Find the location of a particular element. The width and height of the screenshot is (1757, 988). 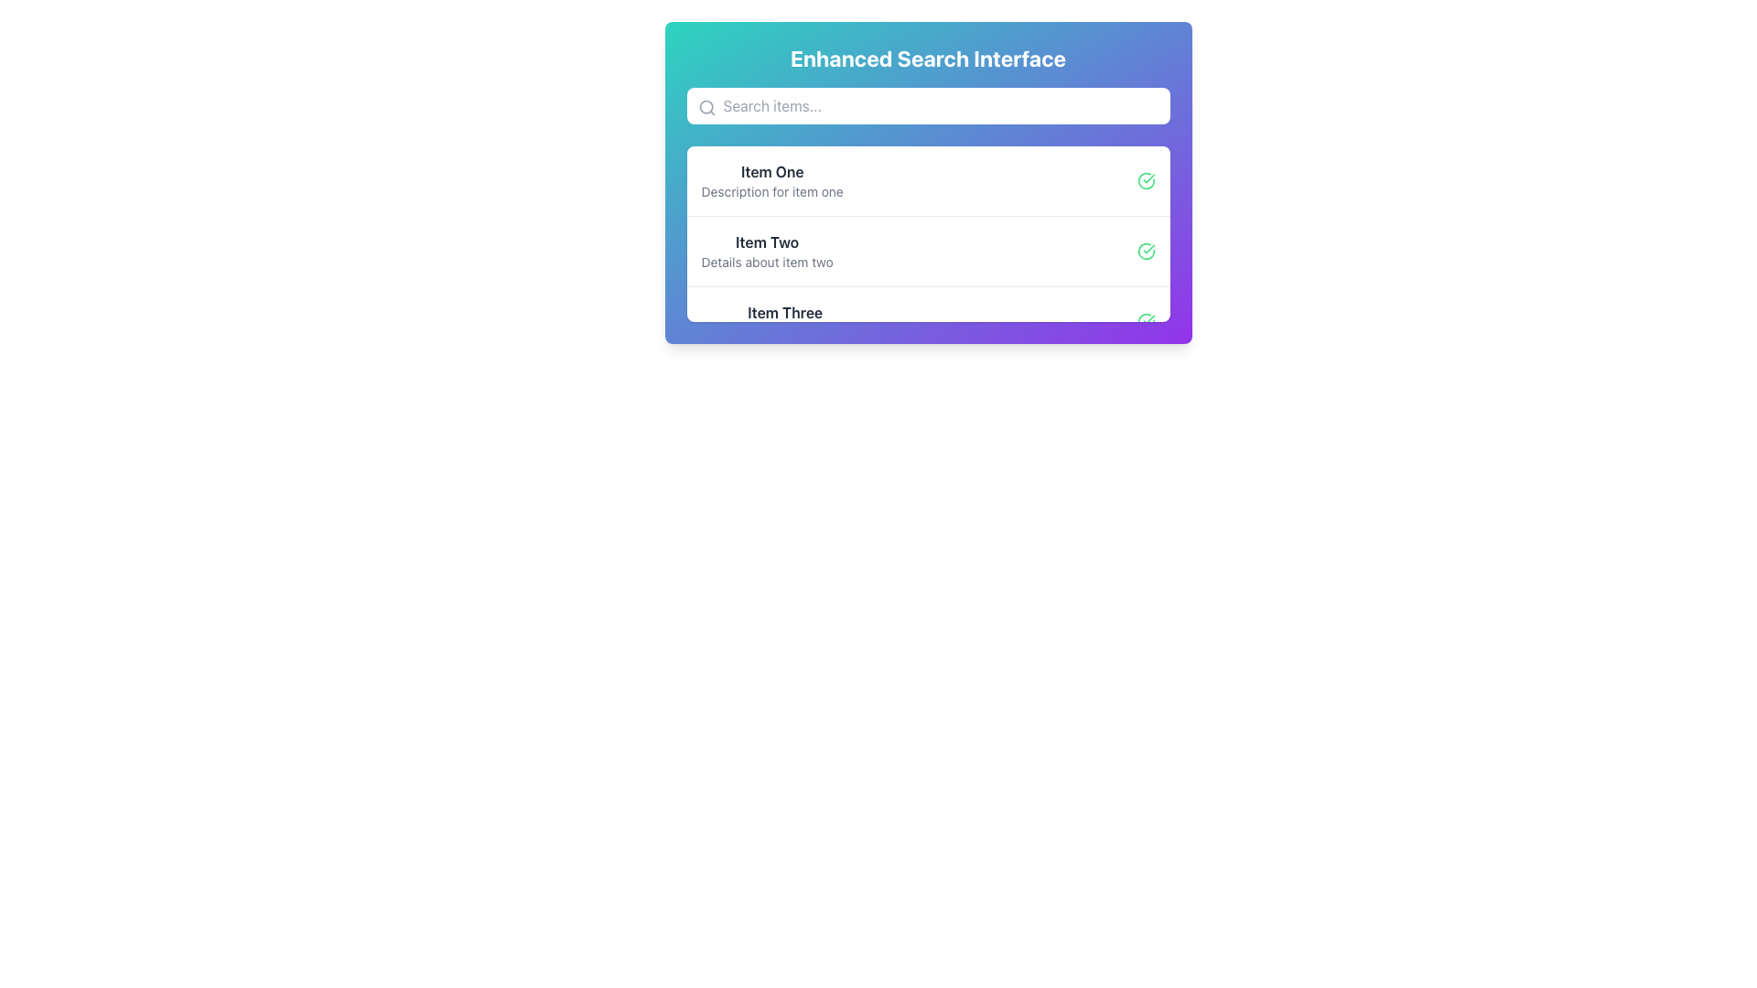

the text label at the top of the rounded box with a gradient background, which describes the functionality of the section is located at coordinates (928, 58).